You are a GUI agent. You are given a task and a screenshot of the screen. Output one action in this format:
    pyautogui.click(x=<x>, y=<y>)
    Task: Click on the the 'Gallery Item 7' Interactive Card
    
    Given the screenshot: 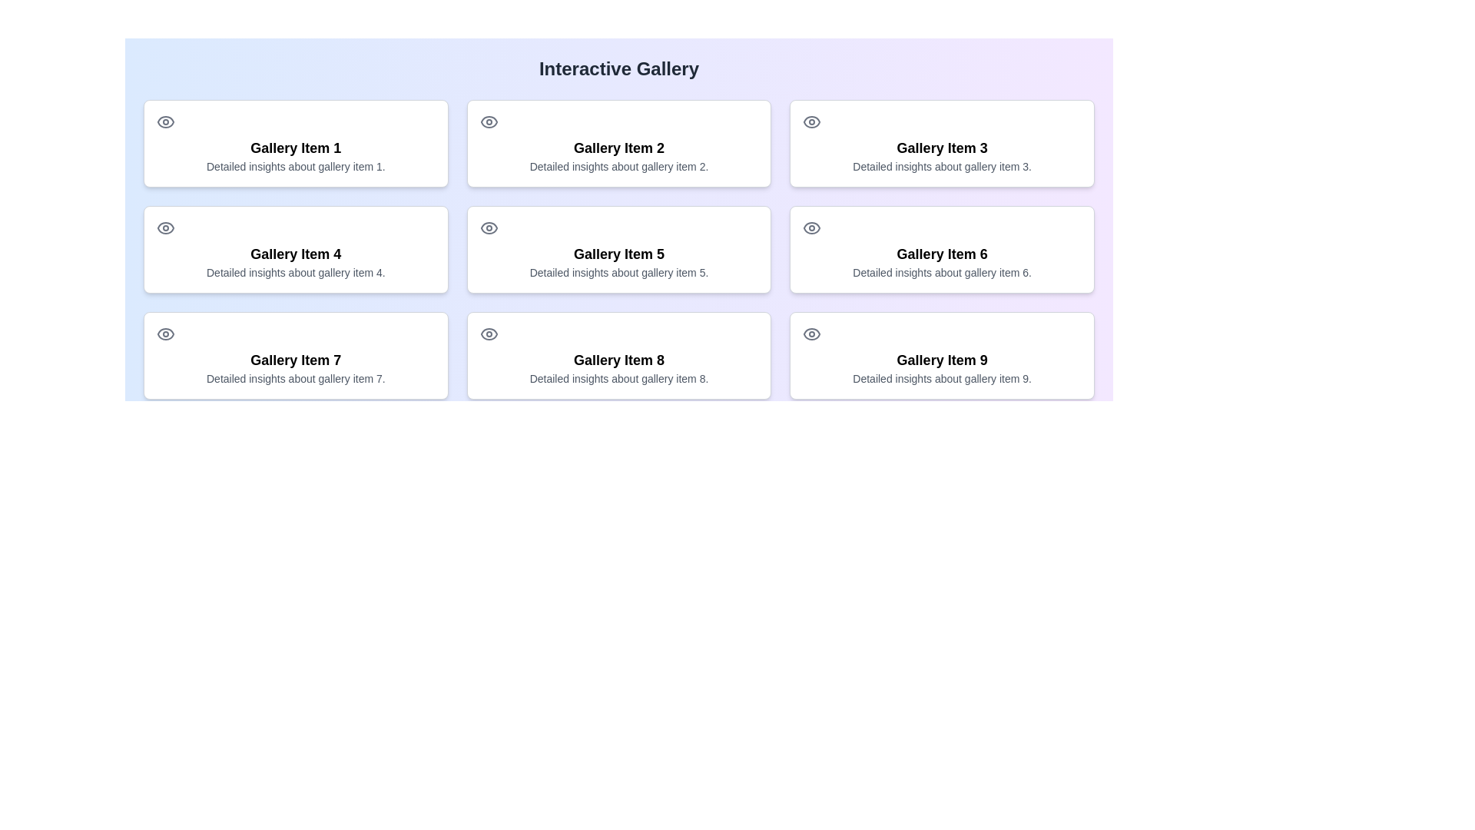 What is the action you would take?
    pyautogui.click(x=296, y=355)
    